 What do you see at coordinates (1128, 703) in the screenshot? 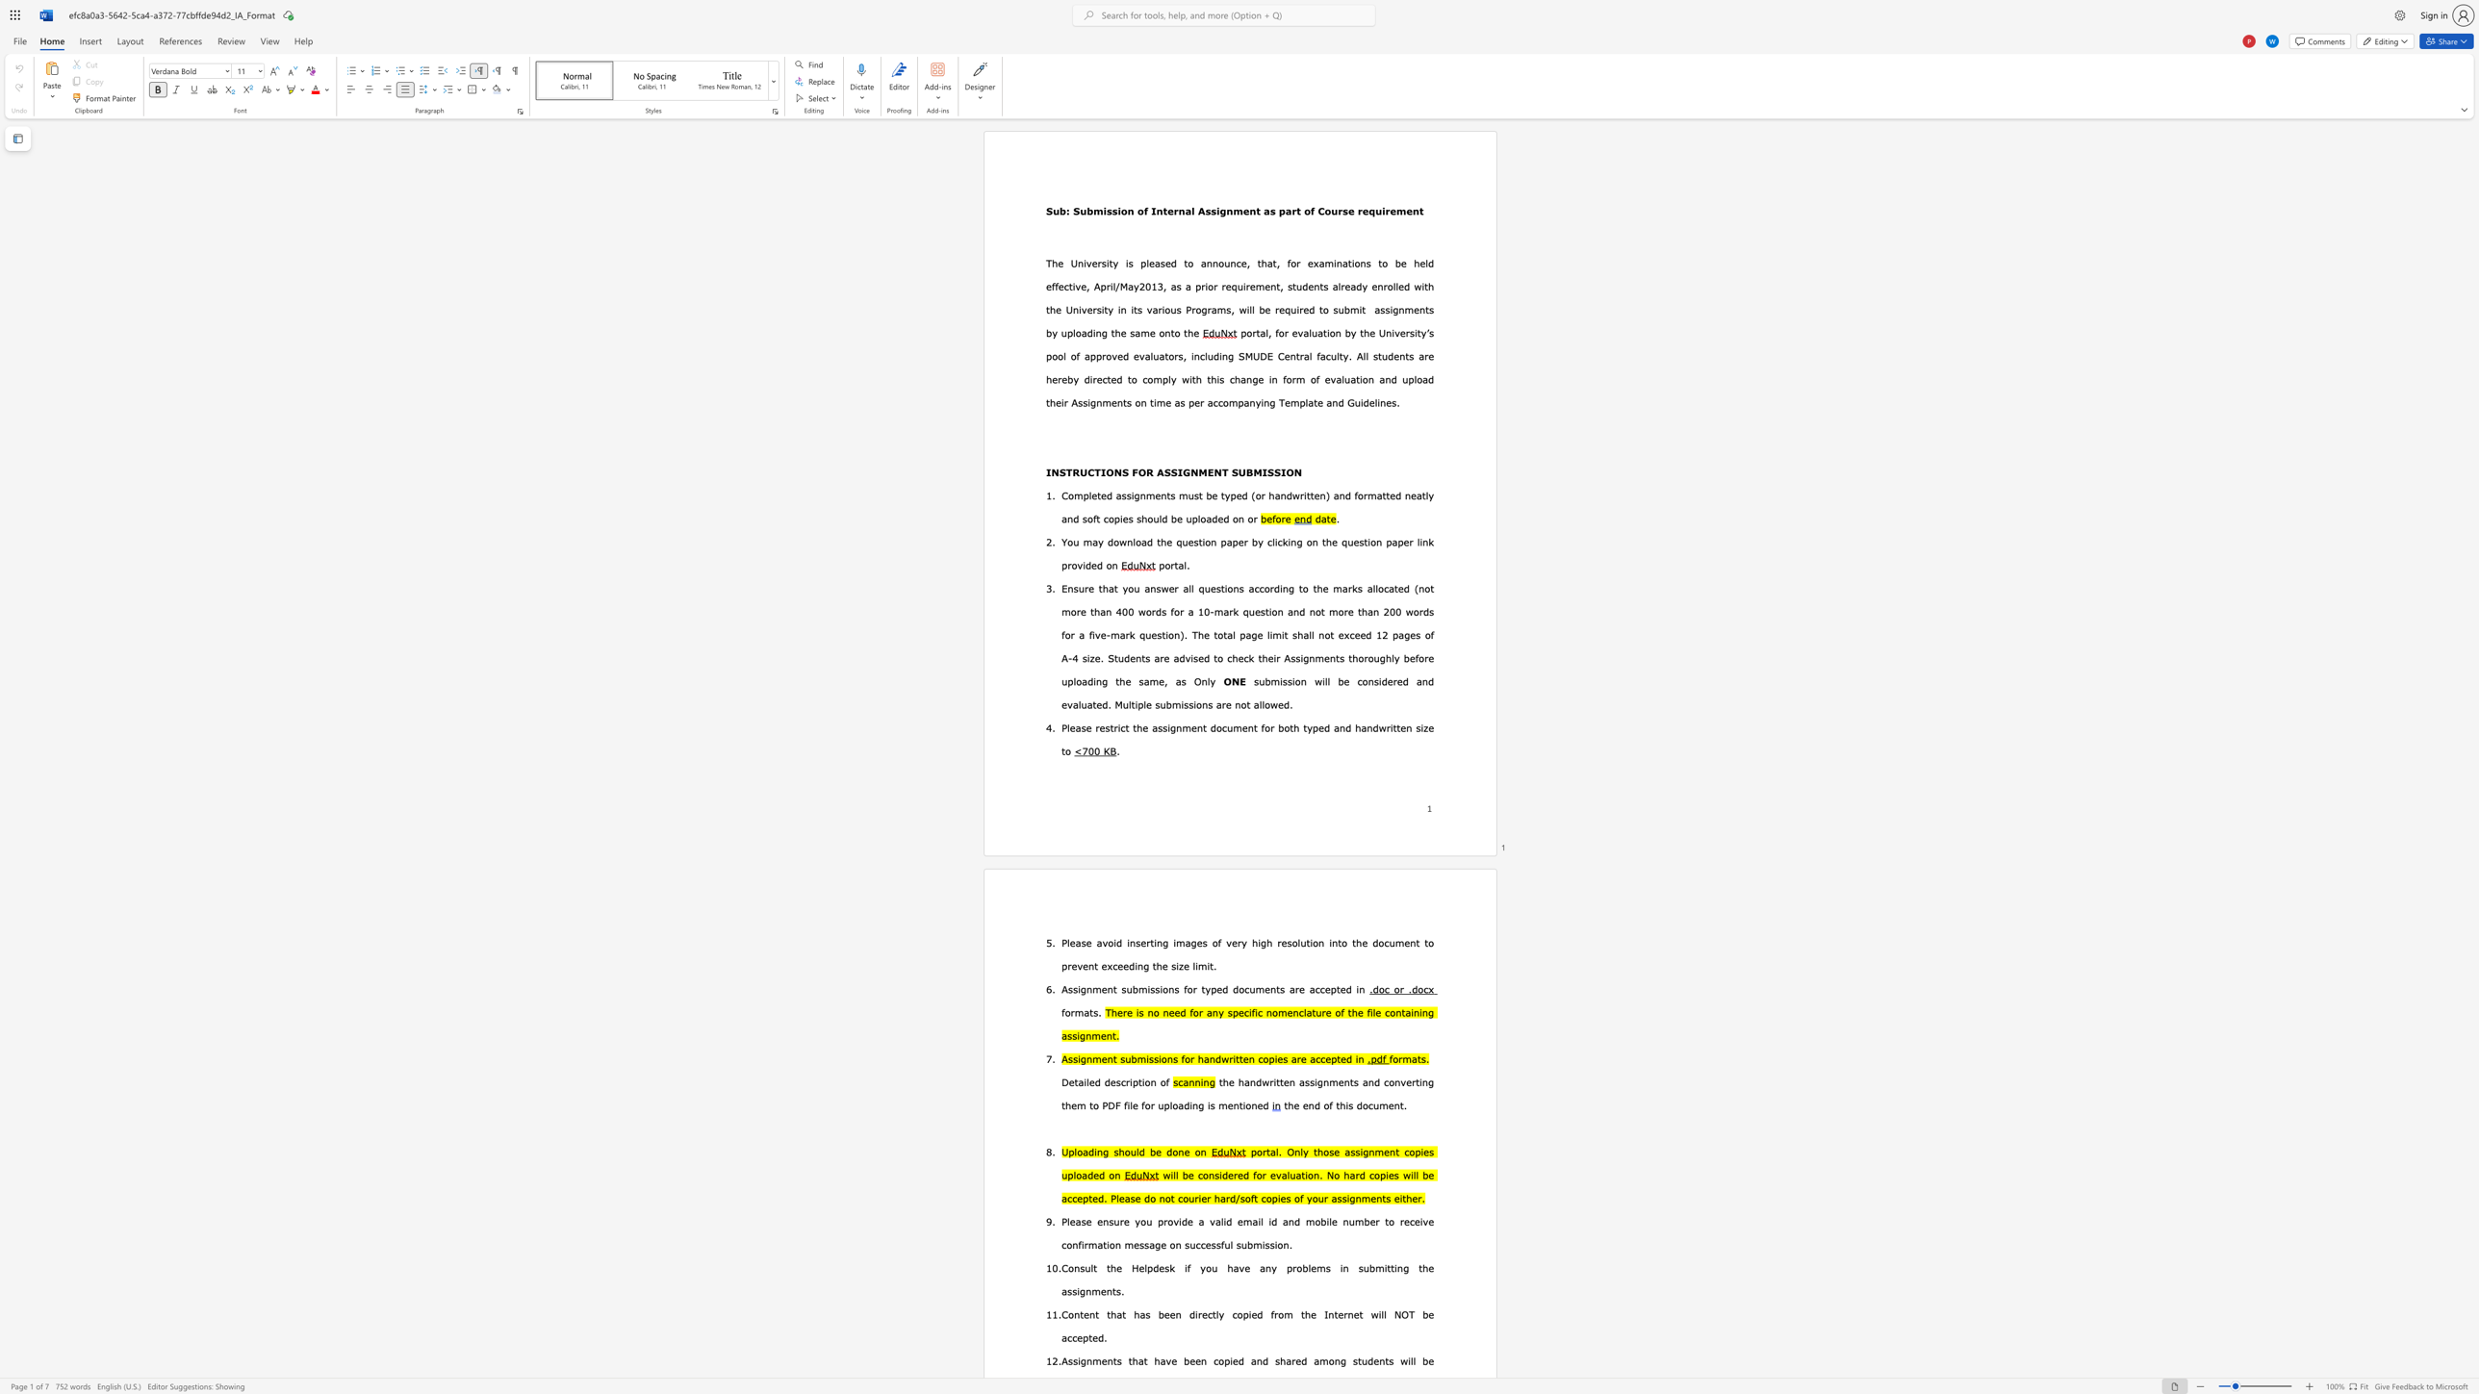
I see `the subset text "ltiple submissions are no" within the text "Multiple submissions are not allowed."` at bounding box center [1128, 703].